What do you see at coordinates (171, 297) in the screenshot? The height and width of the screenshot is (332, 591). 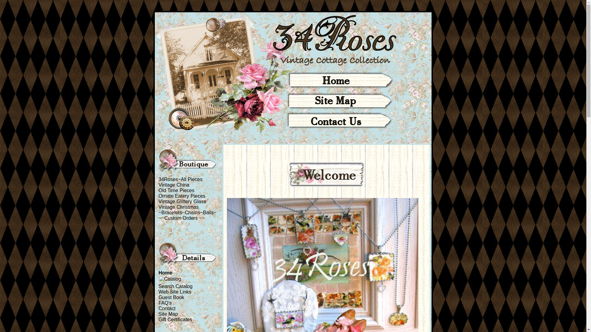 I see `'Guest Book'` at bounding box center [171, 297].